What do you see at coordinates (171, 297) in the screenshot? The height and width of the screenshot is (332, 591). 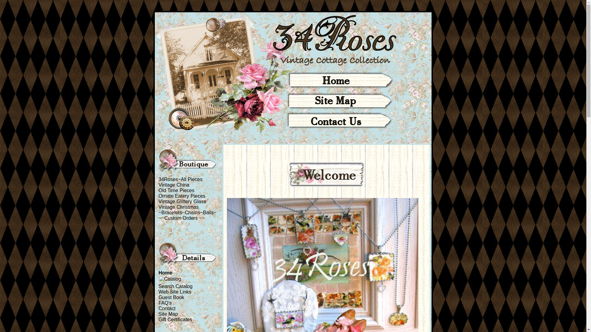 I see `'Guest Book'` at bounding box center [171, 297].